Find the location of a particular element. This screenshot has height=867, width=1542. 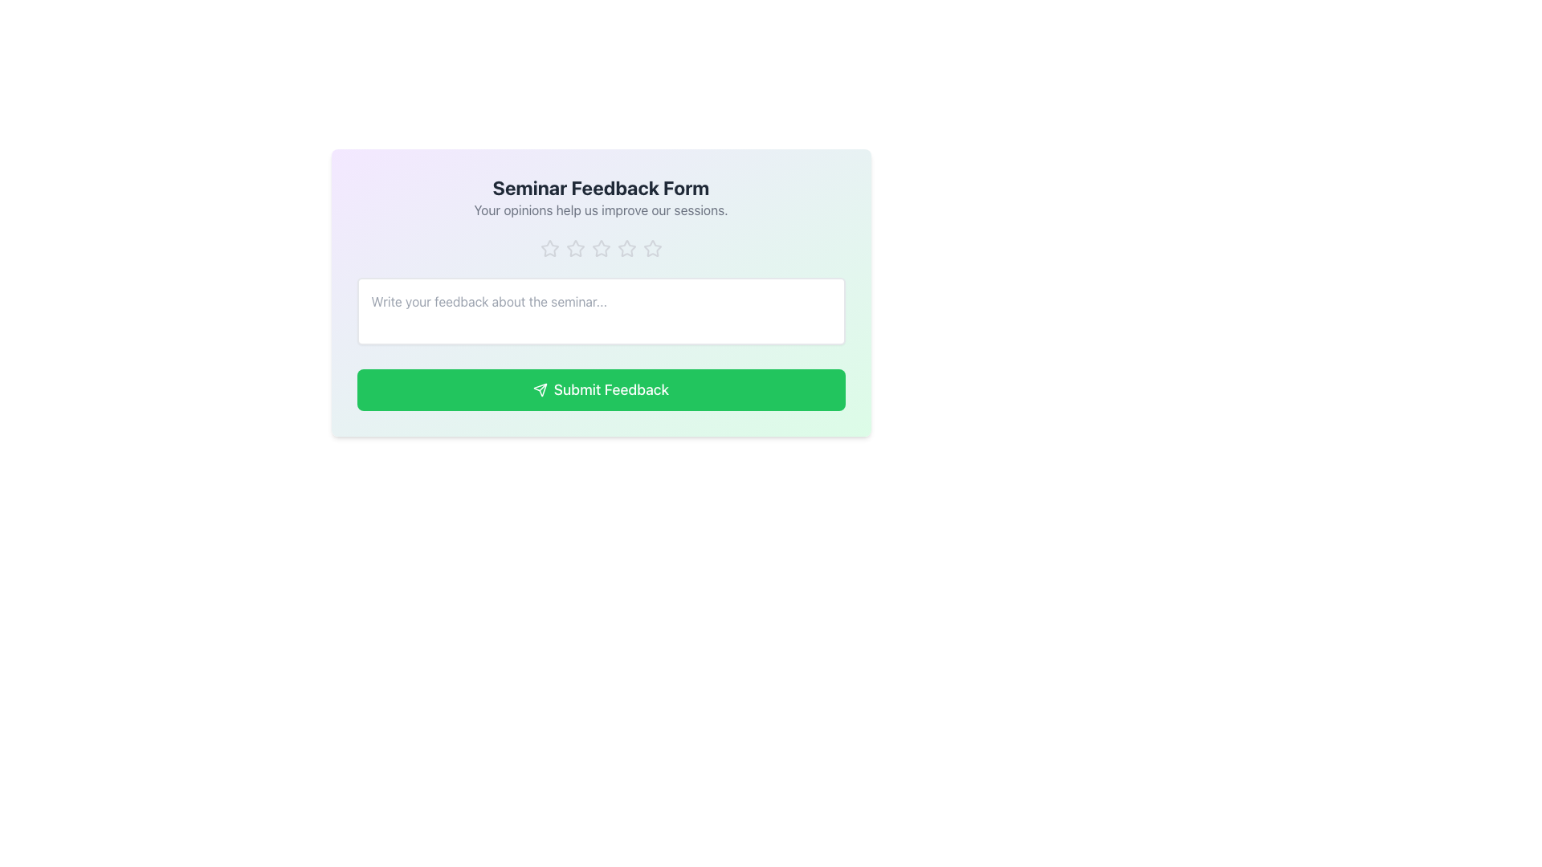

the first star icon button, which represents the rating system, located beneath the 'Your opinions help us improve our sessions' text is located at coordinates (549, 248).